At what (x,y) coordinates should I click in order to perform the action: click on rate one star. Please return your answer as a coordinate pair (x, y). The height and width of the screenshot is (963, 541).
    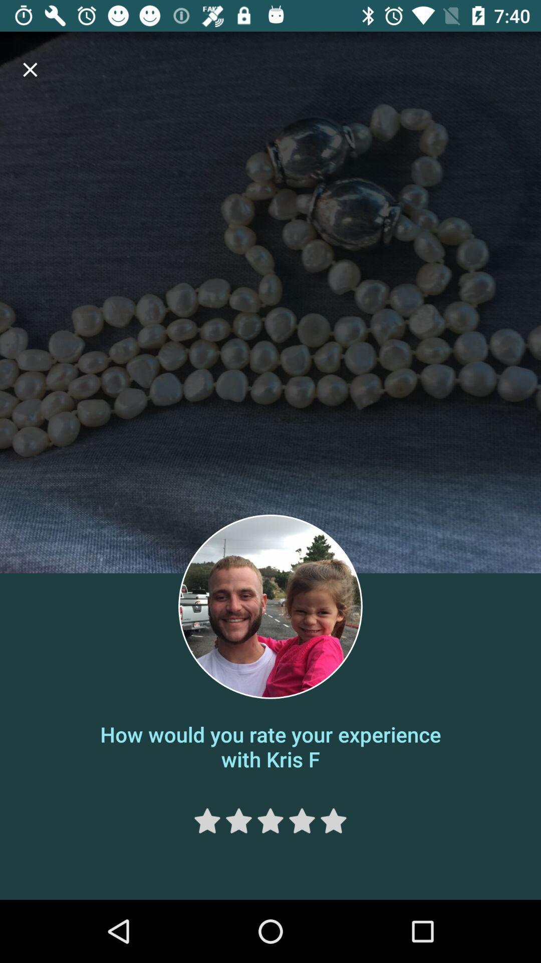
    Looking at the image, I should click on (206, 821).